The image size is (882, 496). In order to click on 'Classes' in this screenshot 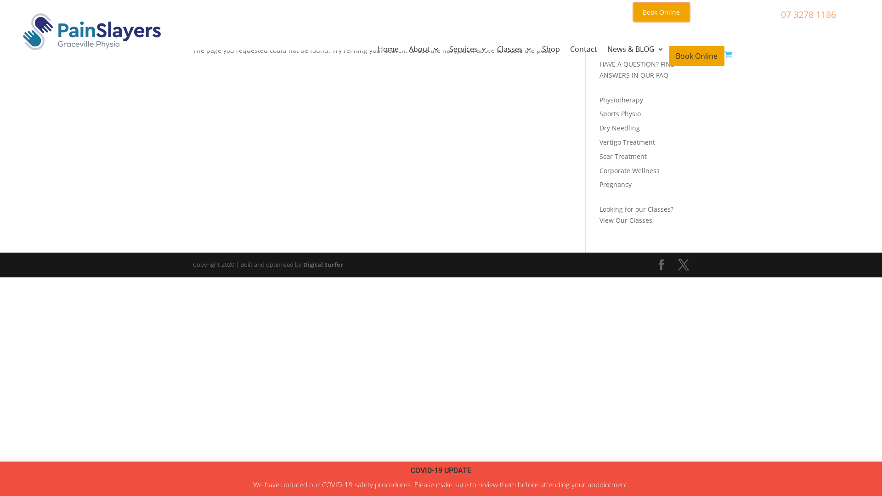, I will do `click(514, 56)`.